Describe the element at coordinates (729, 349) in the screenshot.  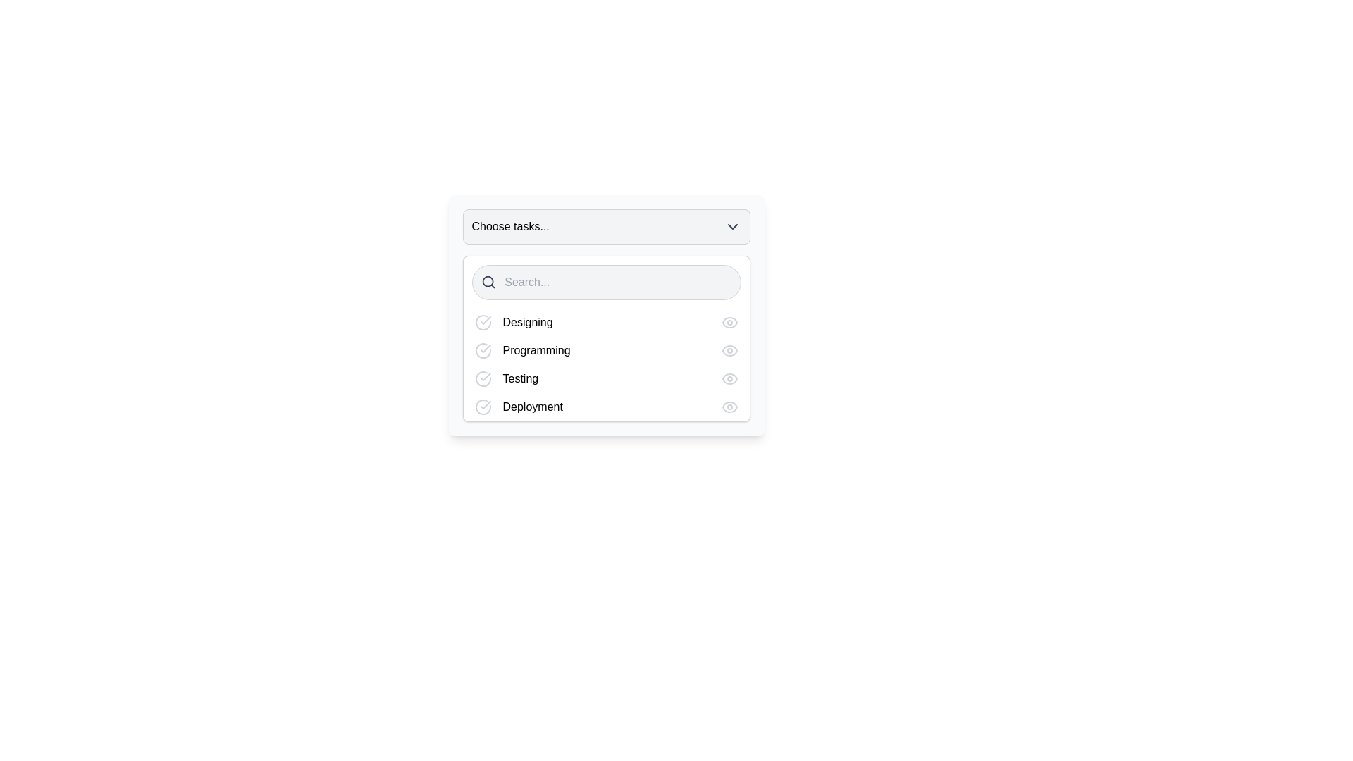
I see `the outer curved line of the eye icon SVG, which is located to the right of the 'Programming' text in the dropdown list of tasks` at that location.